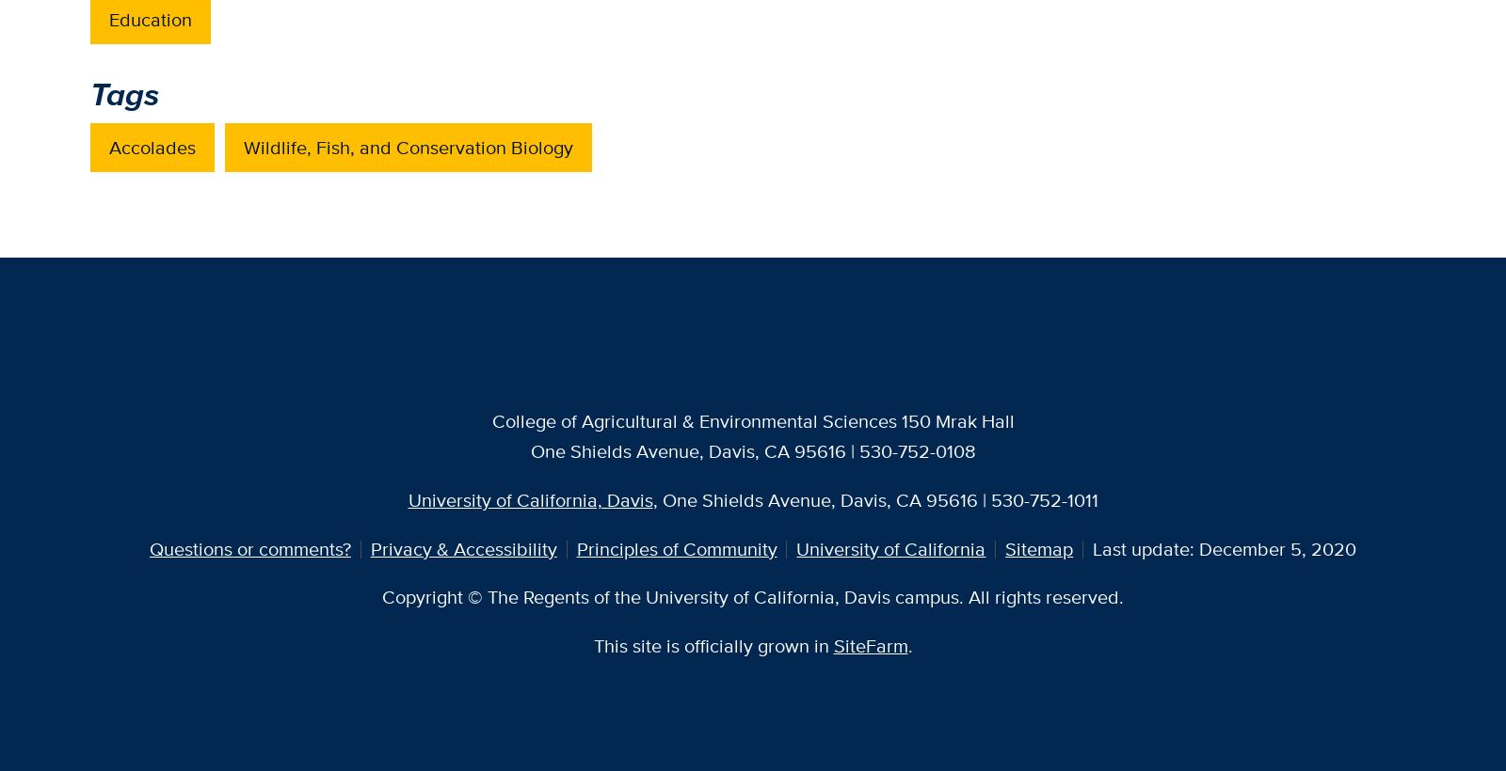  Describe the element at coordinates (150, 148) in the screenshot. I see `'Accolades'` at that location.